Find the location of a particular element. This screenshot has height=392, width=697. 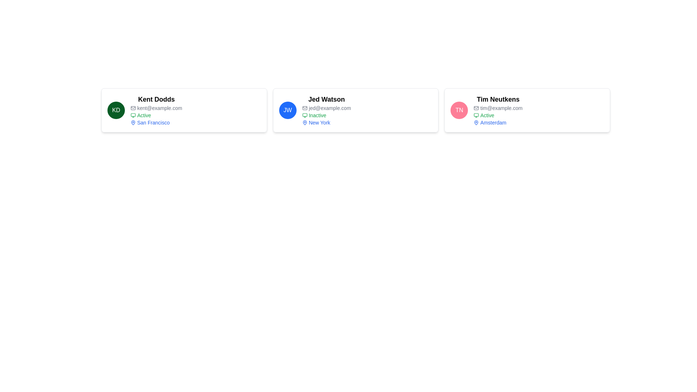

the text label displaying the email address for the user 'Kent Dodds', located under the user's name in the first card of the interface is located at coordinates (156, 108).